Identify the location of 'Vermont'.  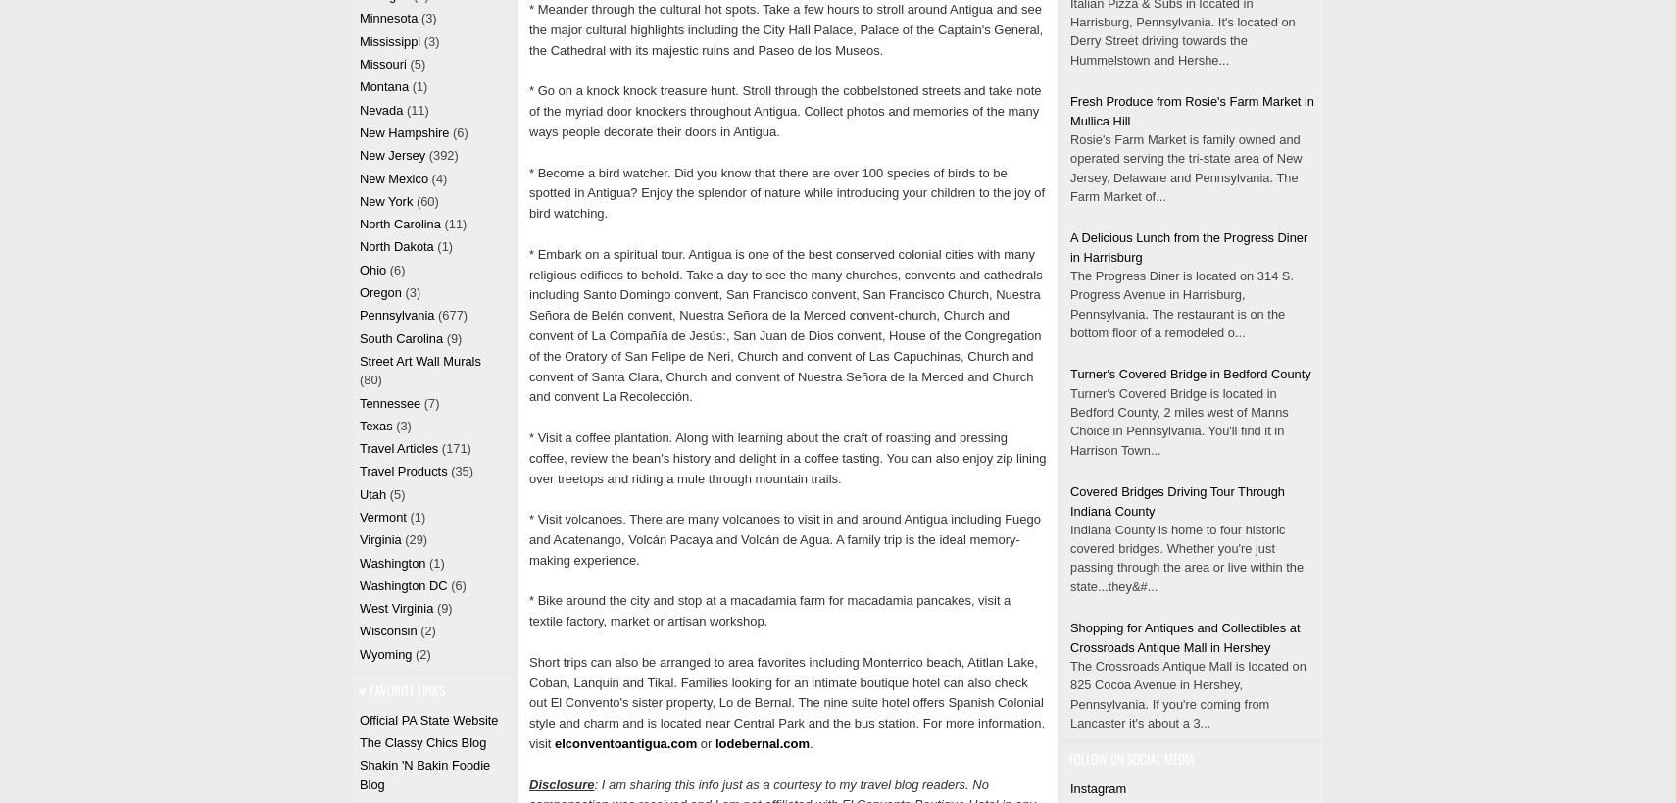
(381, 515).